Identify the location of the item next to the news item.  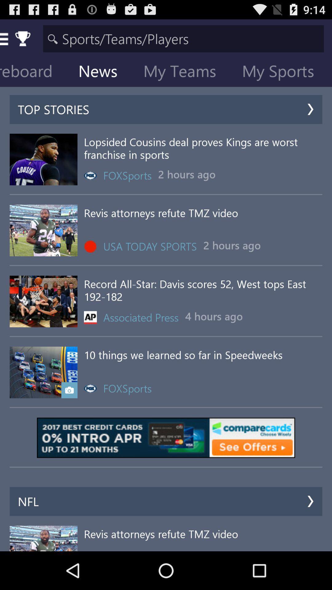
(35, 72).